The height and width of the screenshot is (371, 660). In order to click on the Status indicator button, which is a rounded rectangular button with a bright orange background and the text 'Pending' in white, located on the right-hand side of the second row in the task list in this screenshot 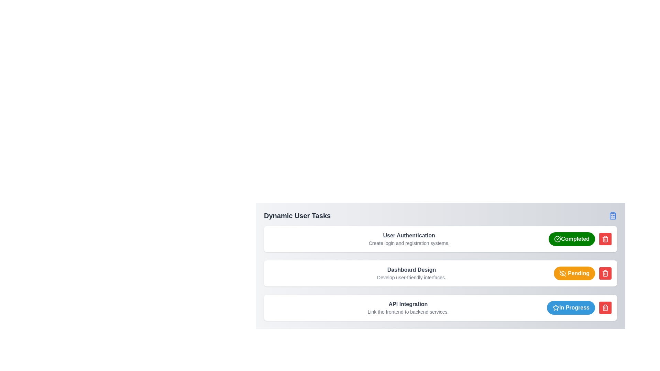, I will do `click(574, 273)`.